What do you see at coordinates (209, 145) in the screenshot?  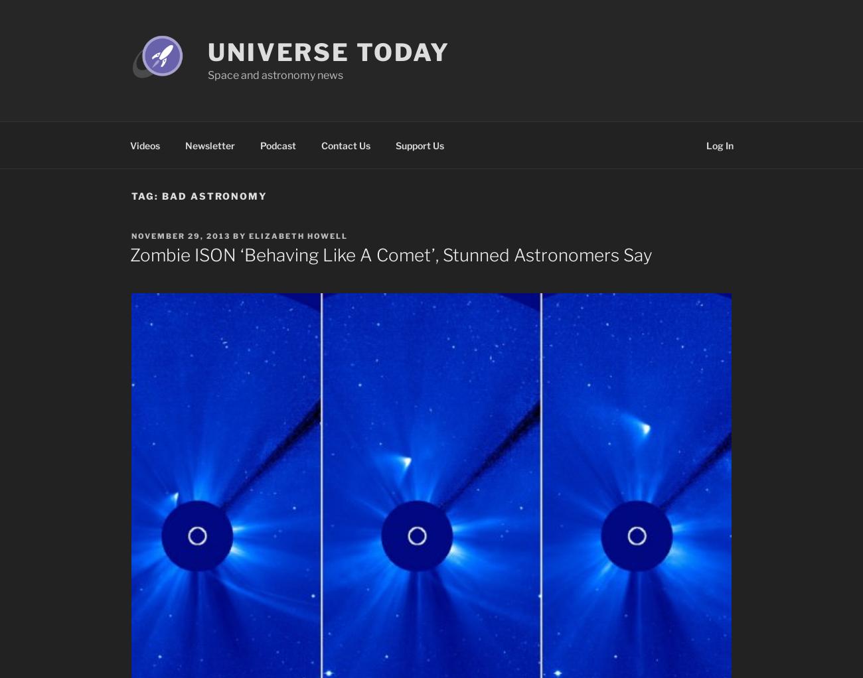 I see `'Newsletter'` at bounding box center [209, 145].